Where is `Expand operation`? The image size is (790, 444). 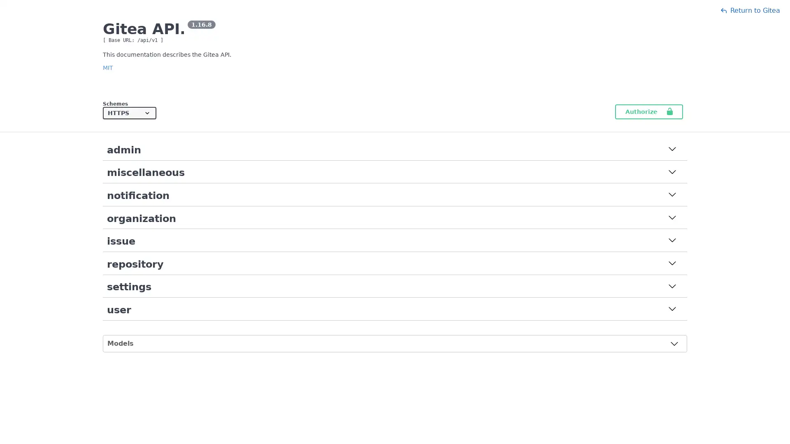
Expand operation is located at coordinates (672, 240).